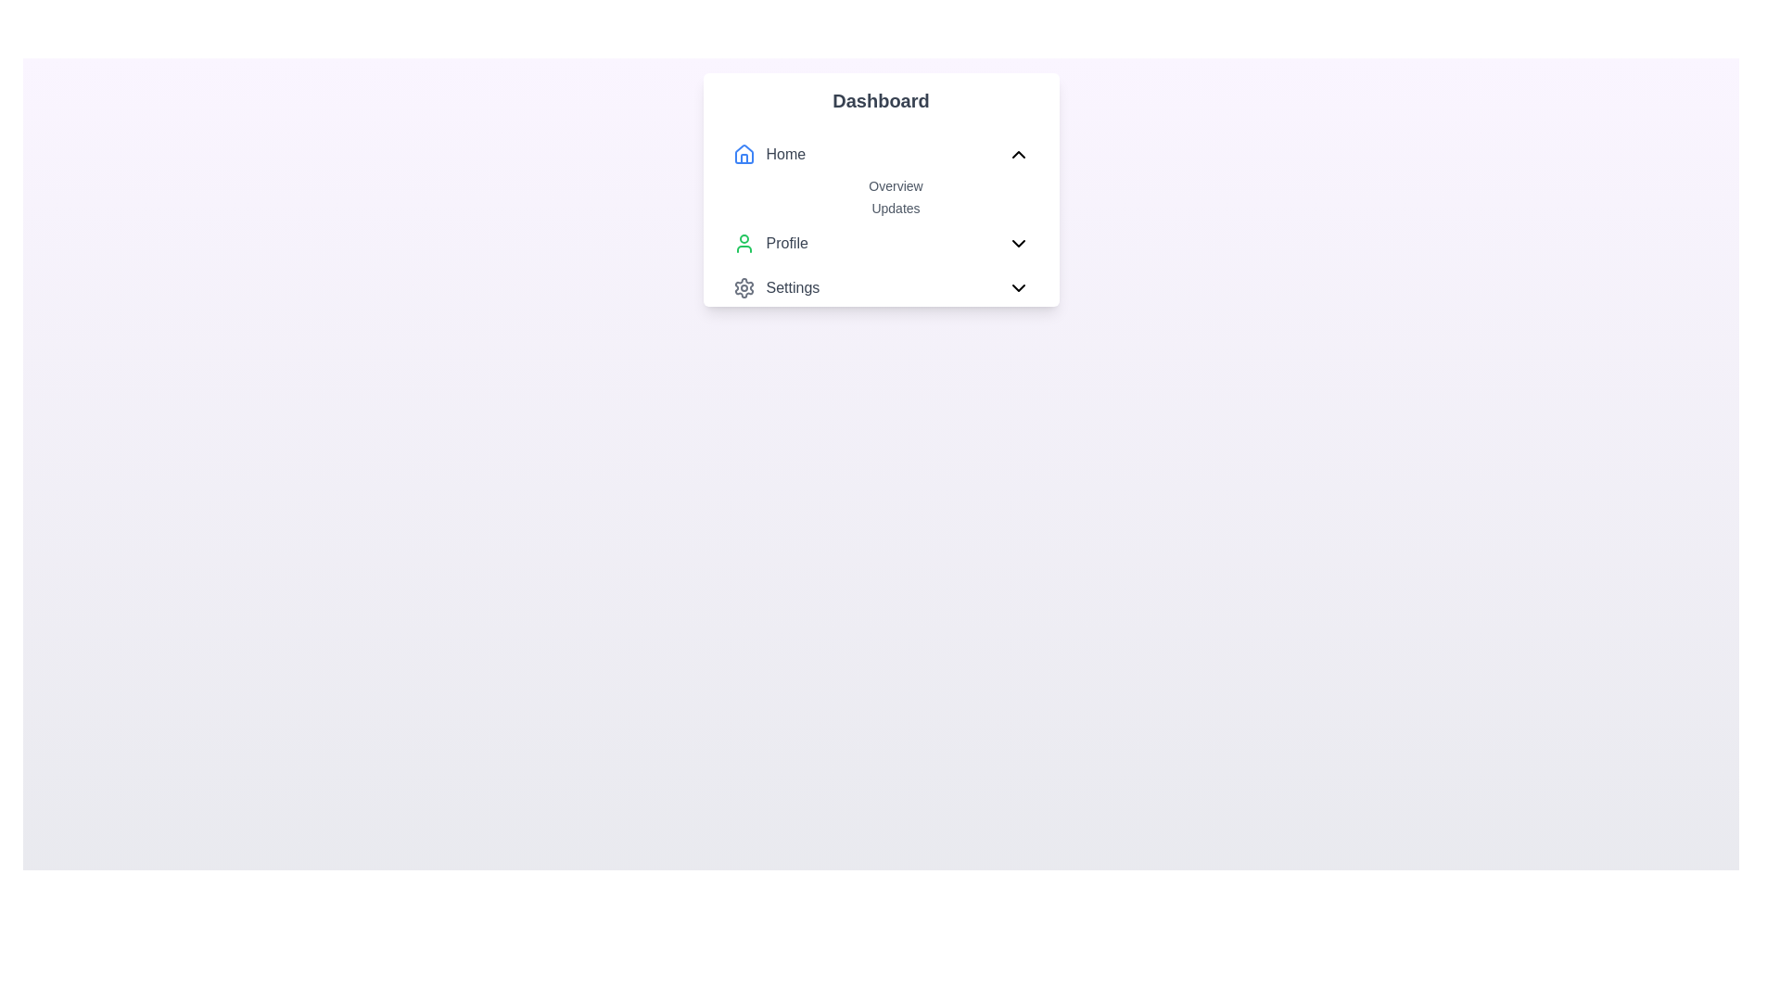 The width and height of the screenshot is (1780, 1001). I want to click on the 'Overview' and 'Updates' links in the Dropdown menu section under the 'Home' menu, so click(896, 196).